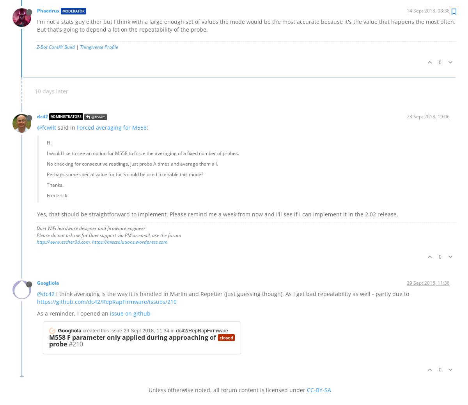  What do you see at coordinates (130, 313) in the screenshot?
I see `'issue on github'` at bounding box center [130, 313].